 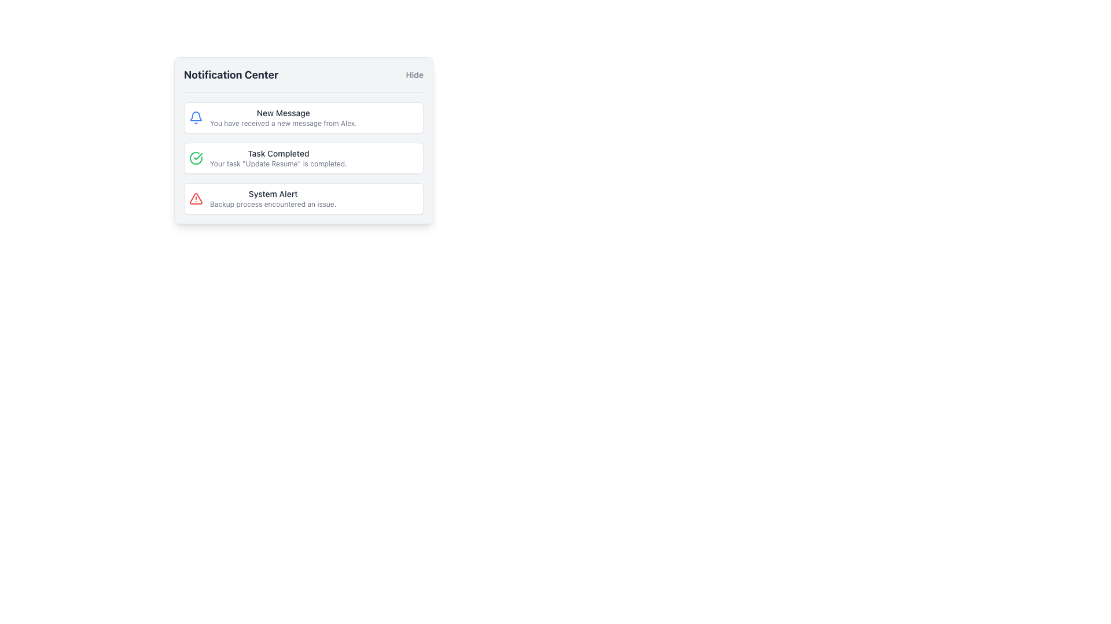 I want to click on the Static Text element that serves as the title or label of the notification, located in the first notification card beneath 'Notification Center', so click(x=283, y=113).